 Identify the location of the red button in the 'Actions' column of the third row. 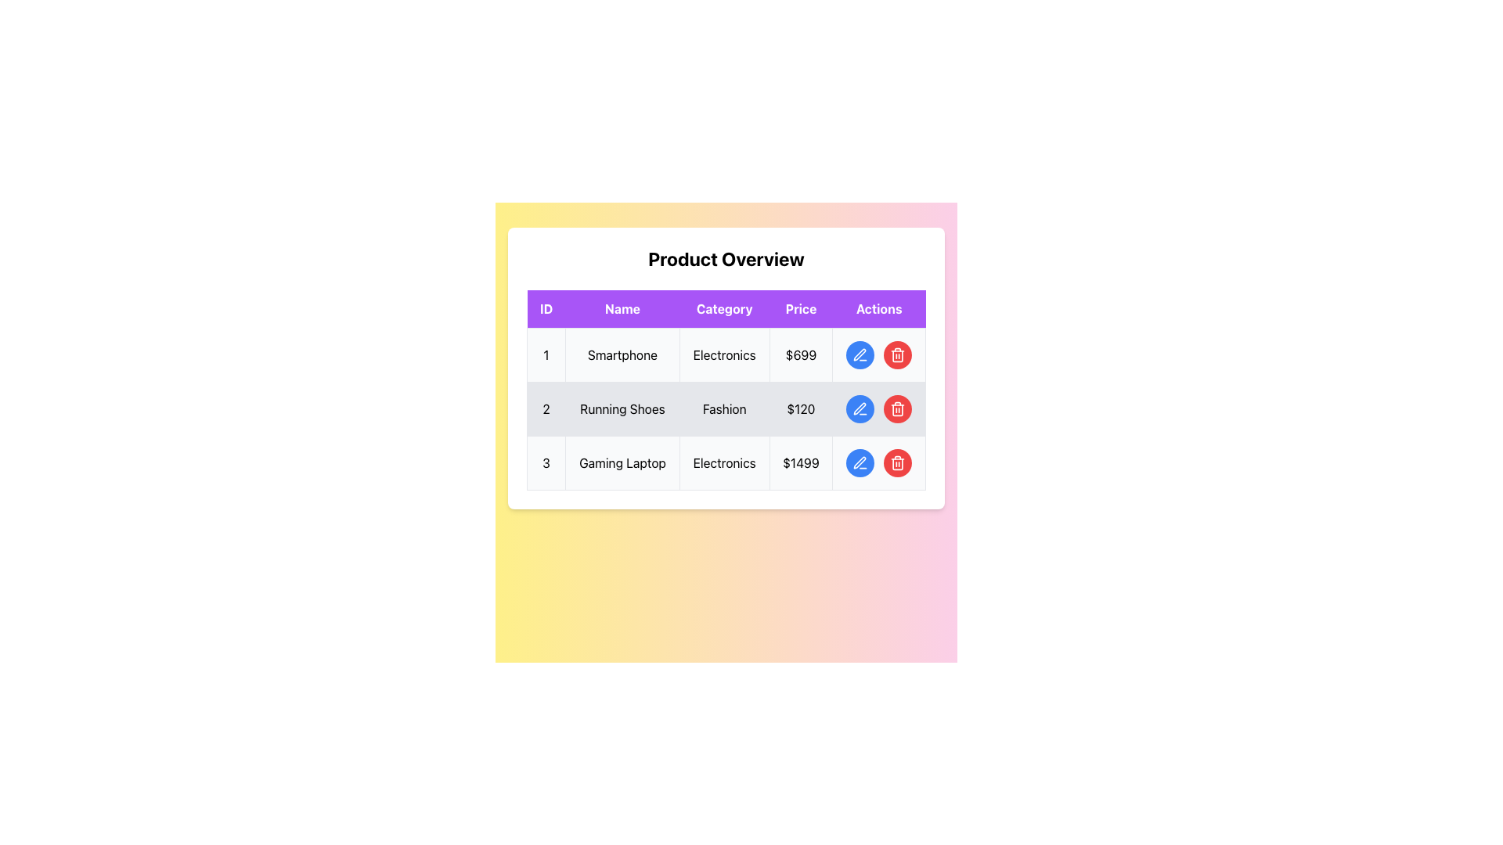
(879, 462).